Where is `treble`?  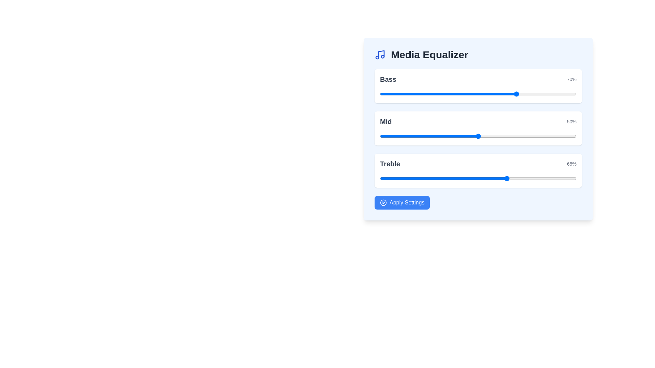
treble is located at coordinates (529, 178).